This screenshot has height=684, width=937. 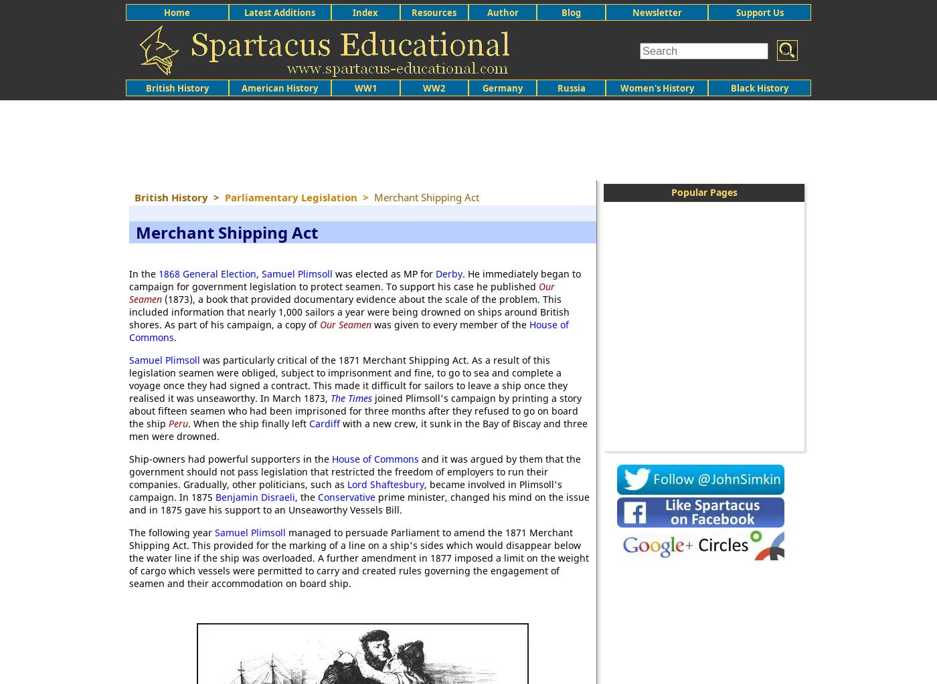 I want to click on 'and it was argued by them that the government should not pass legislation that restricted the freedom of employers to run their companies. Gradually, other politicians, such as', so click(x=355, y=471).